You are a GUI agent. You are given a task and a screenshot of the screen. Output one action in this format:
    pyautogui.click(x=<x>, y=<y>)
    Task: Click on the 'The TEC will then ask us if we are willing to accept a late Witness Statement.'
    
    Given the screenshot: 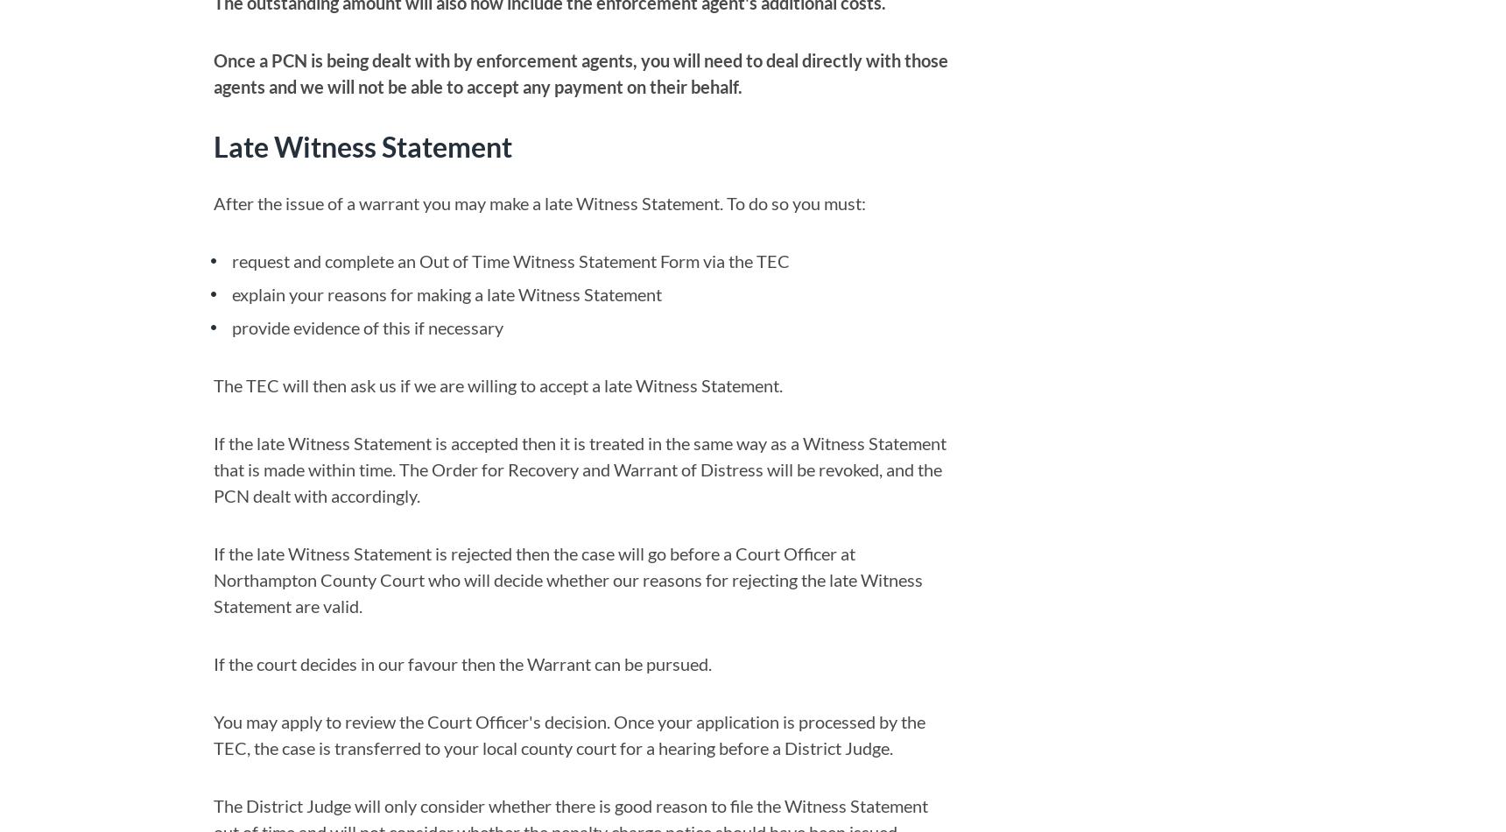 What is the action you would take?
    pyautogui.click(x=497, y=384)
    